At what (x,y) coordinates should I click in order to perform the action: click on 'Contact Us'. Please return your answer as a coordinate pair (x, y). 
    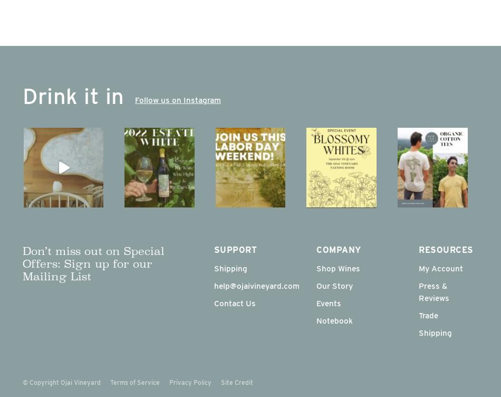
    Looking at the image, I should click on (234, 303).